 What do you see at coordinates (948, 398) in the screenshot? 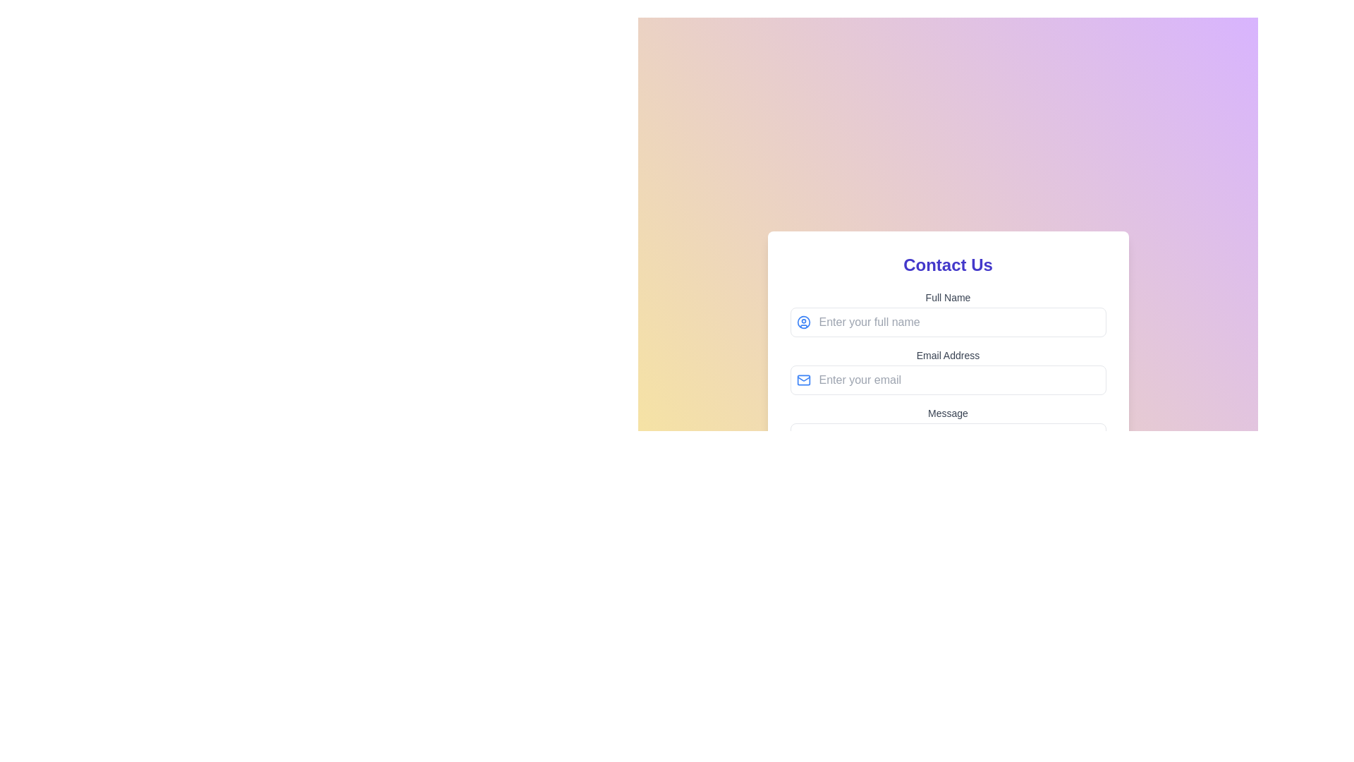
I see `the 'Full Name', 'Email Address', or 'Message' input fields in the 'Contact Us' form to focus on them` at bounding box center [948, 398].